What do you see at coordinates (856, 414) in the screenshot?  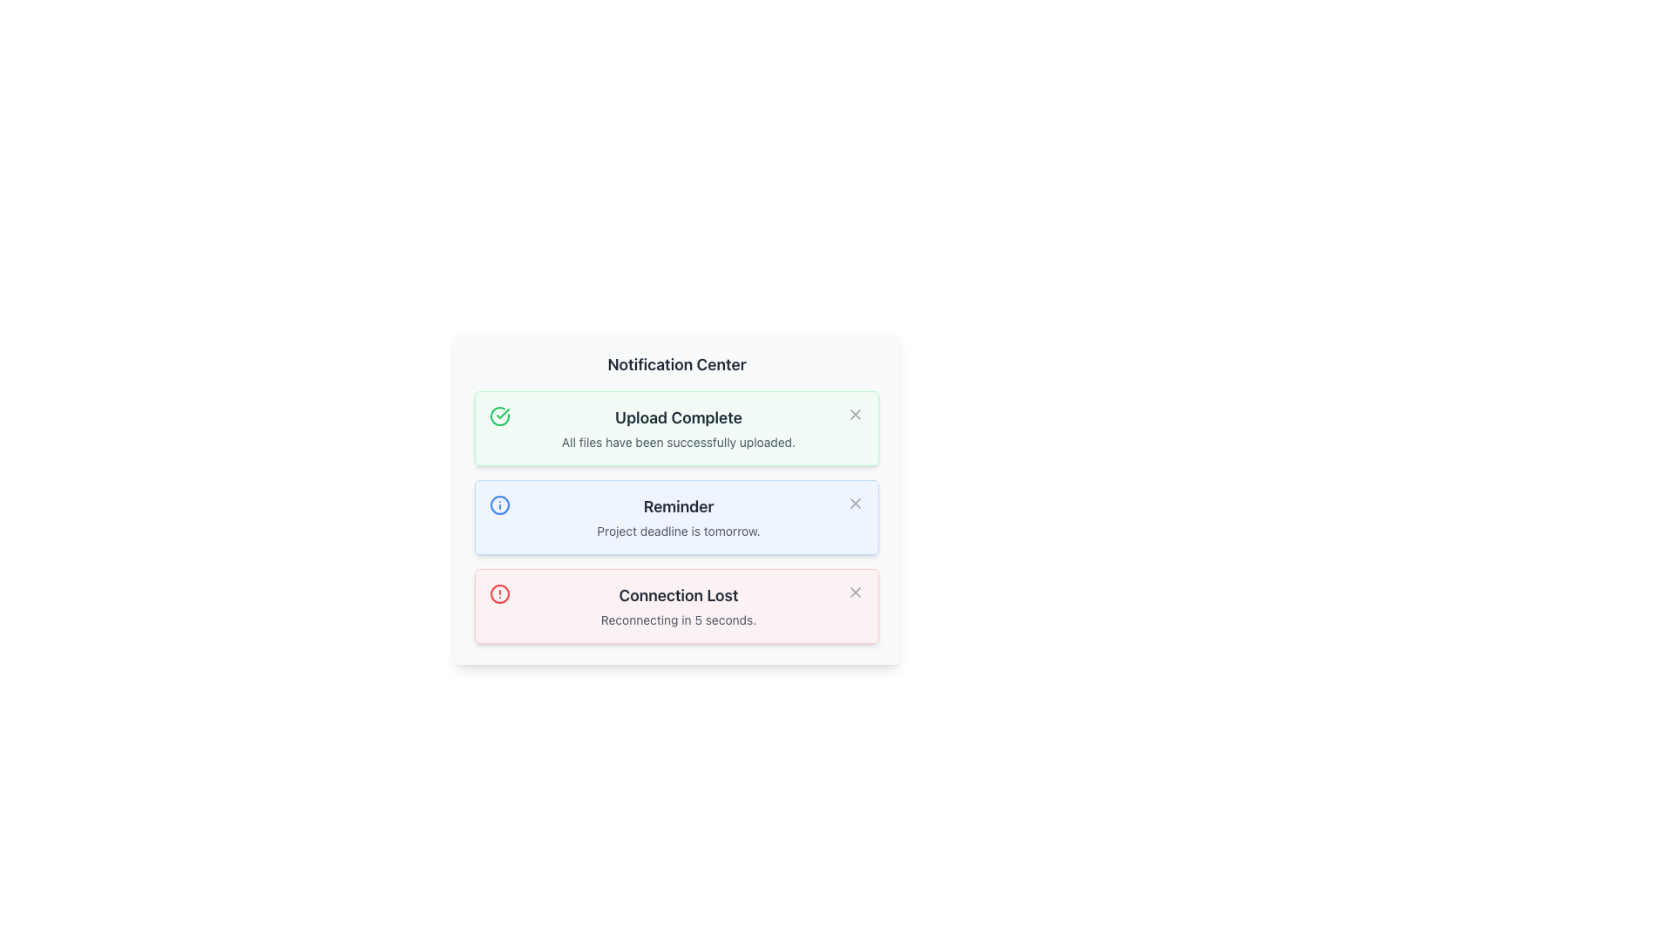 I see `the close icon (cross symbol) at the top-right corner of the 'Upload Complete' notification box` at bounding box center [856, 414].